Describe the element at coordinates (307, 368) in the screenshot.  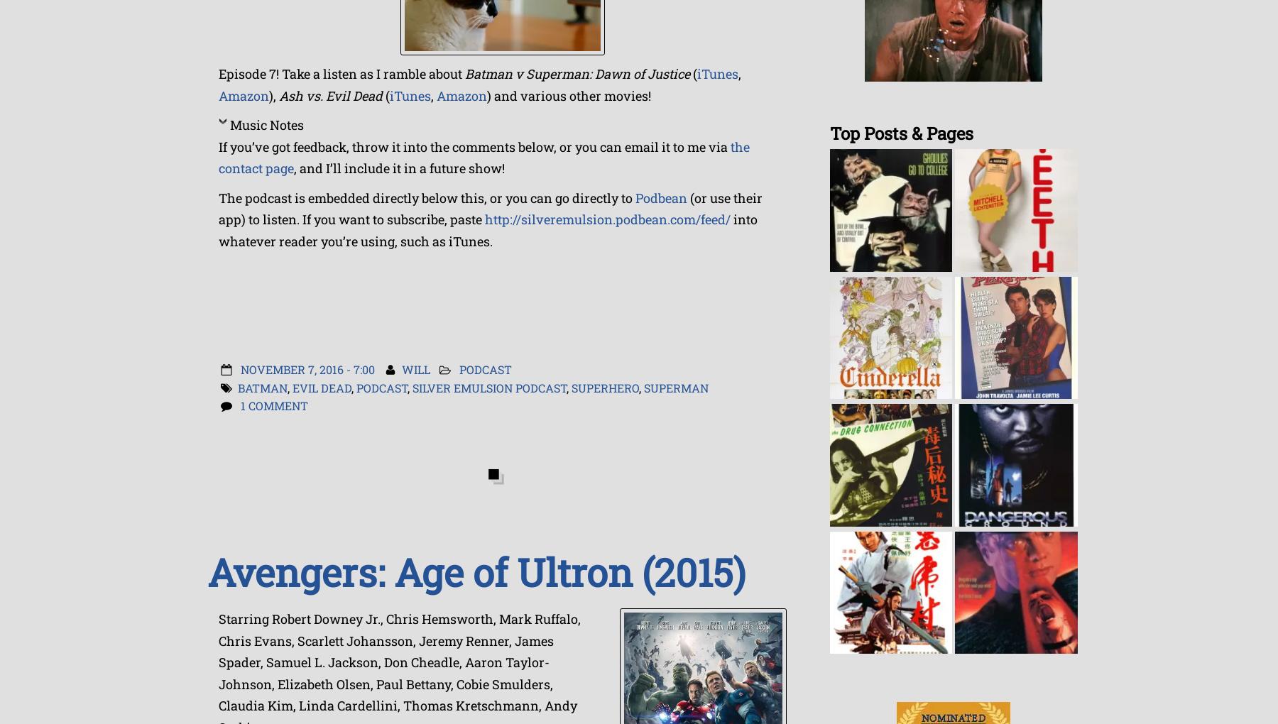
I see `'November 7, 2016 - 7:00'` at that location.